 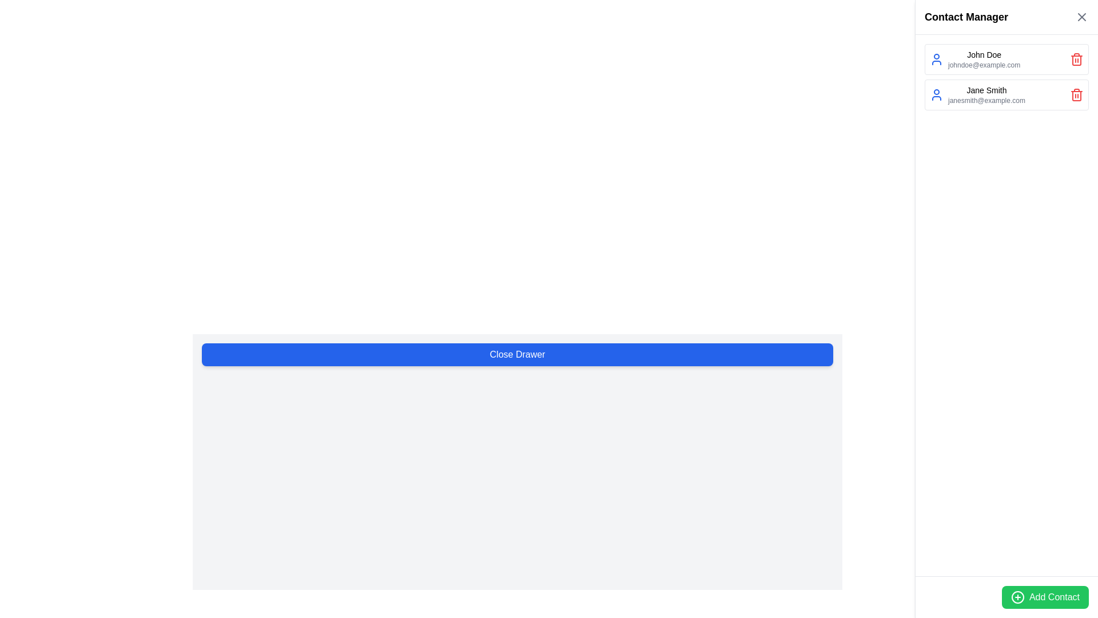 What do you see at coordinates (1076, 94) in the screenshot?
I see `the red trash bin icon next to the name and email of Jane Smith in the contact list` at bounding box center [1076, 94].